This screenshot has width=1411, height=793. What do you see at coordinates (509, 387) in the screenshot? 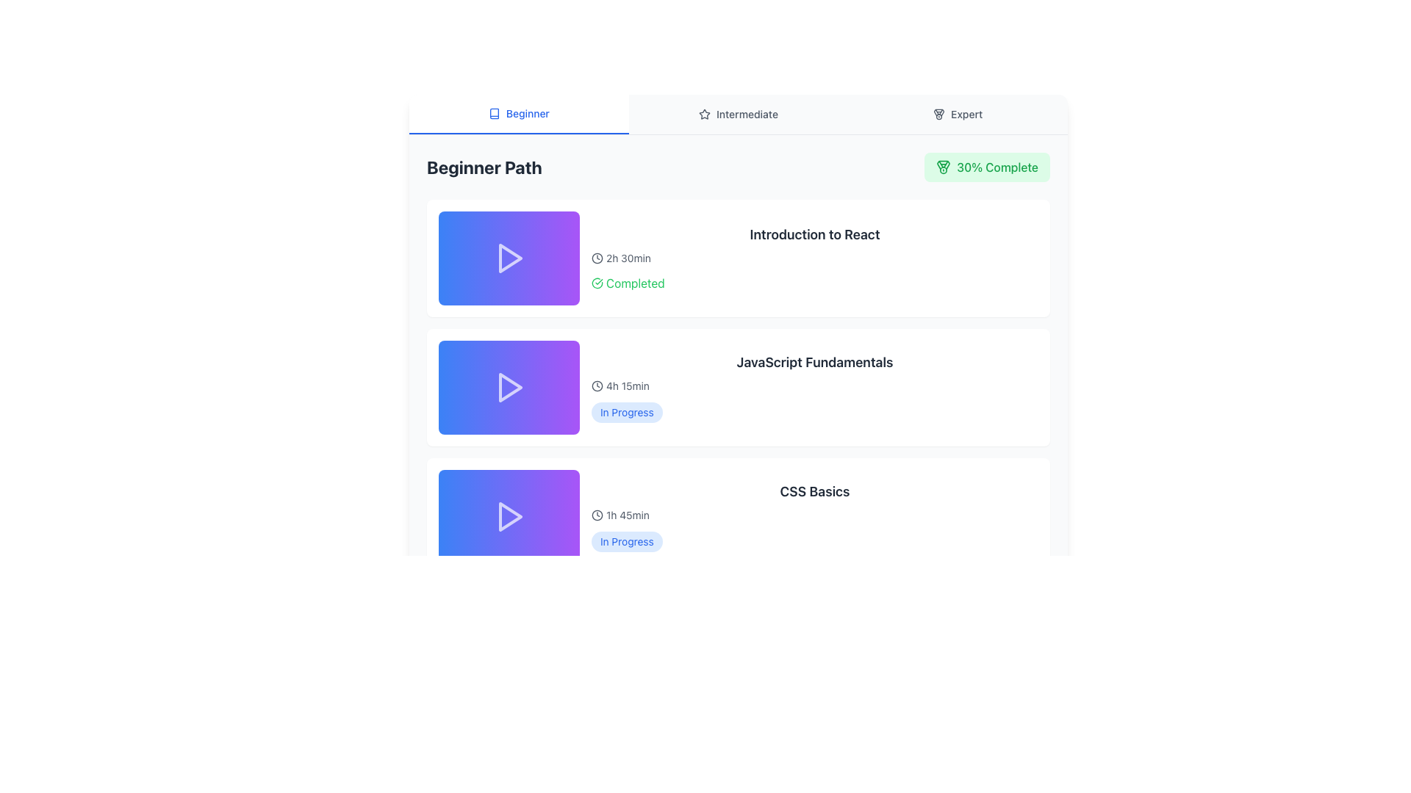
I see `the interactive thumbnail for the 'JavaScript Fundamentals' module located next to the text content to possibly display additional options or feedback` at bounding box center [509, 387].